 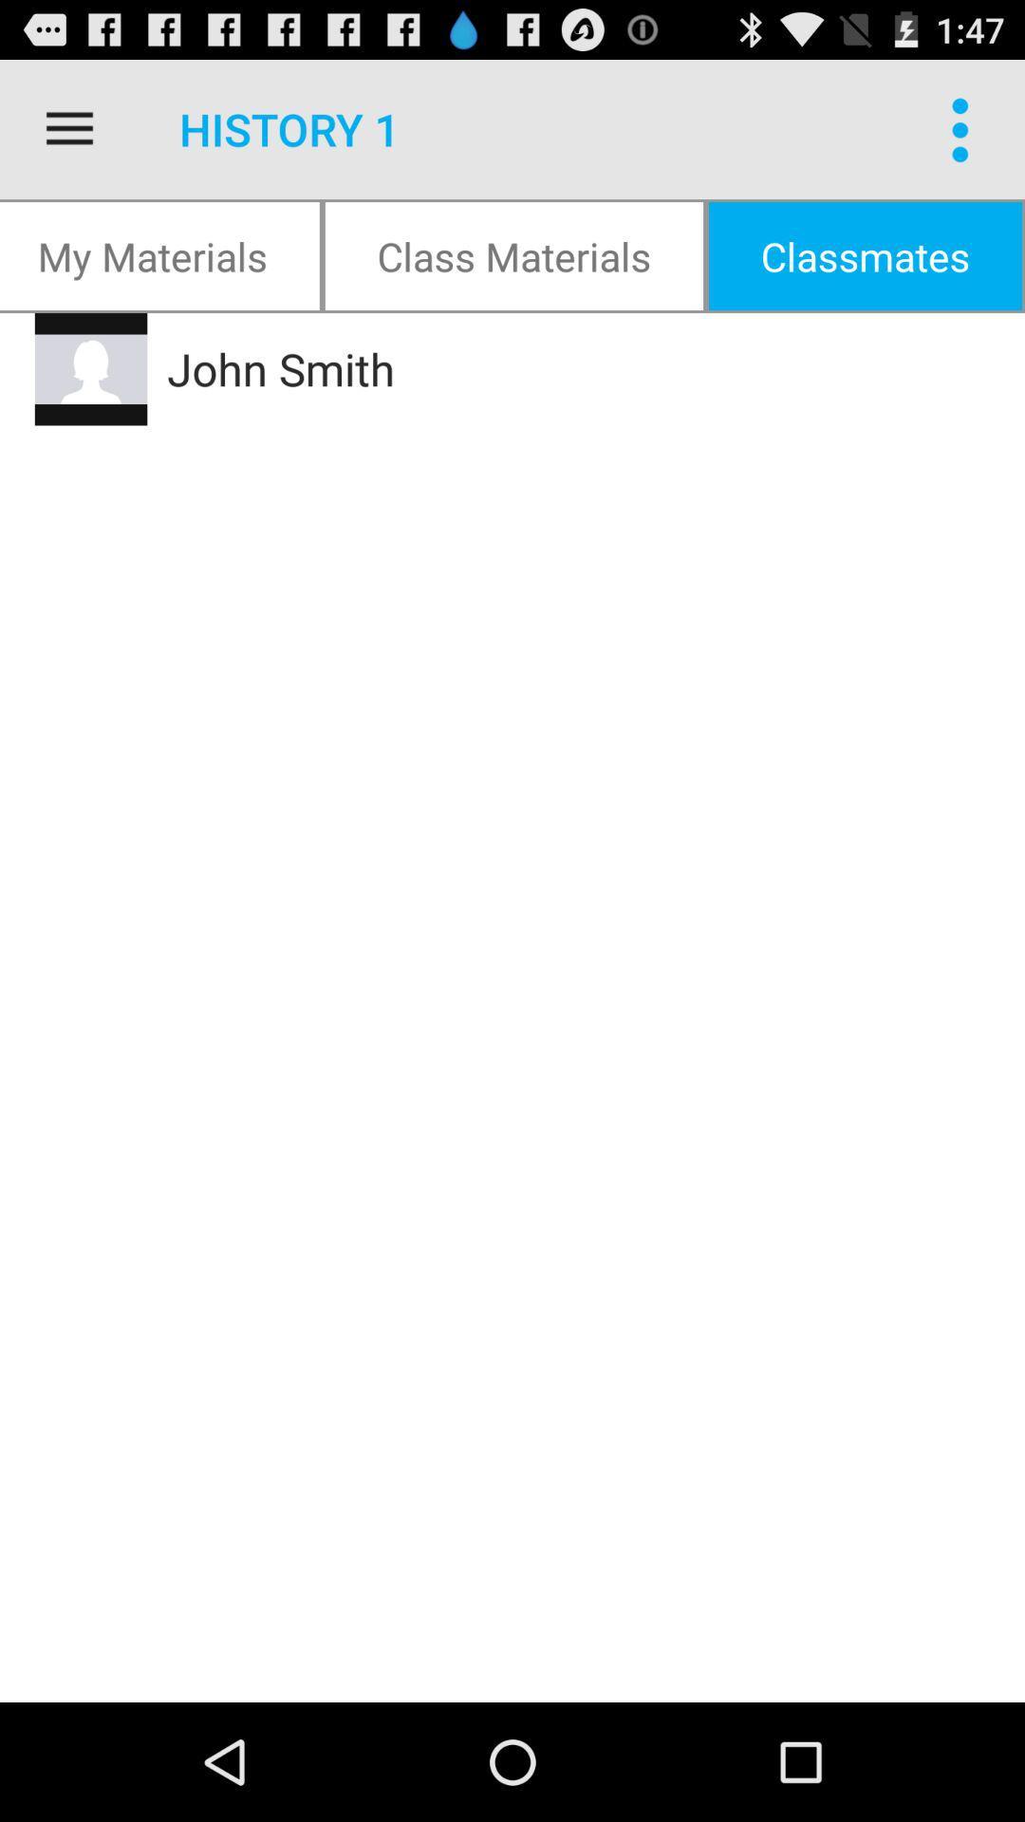 What do you see at coordinates (534, 369) in the screenshot?
I see `the john smith icon` at bounding box center [534, 369].